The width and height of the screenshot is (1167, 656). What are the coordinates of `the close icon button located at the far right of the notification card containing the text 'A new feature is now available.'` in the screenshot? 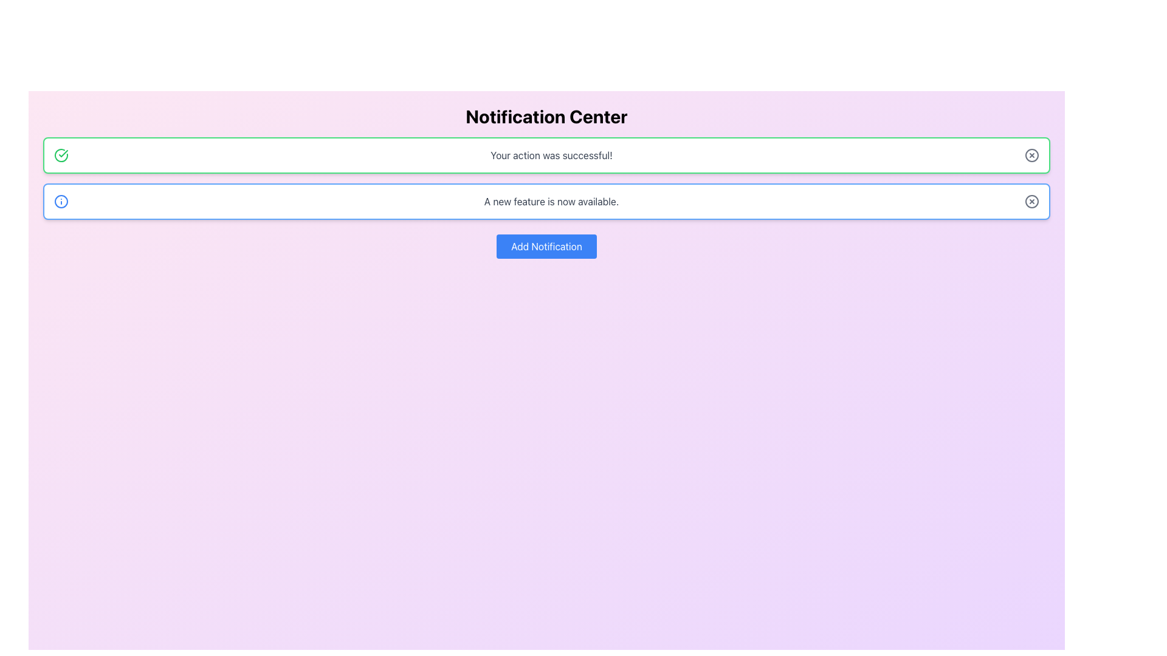 It's located at (1031, 200).